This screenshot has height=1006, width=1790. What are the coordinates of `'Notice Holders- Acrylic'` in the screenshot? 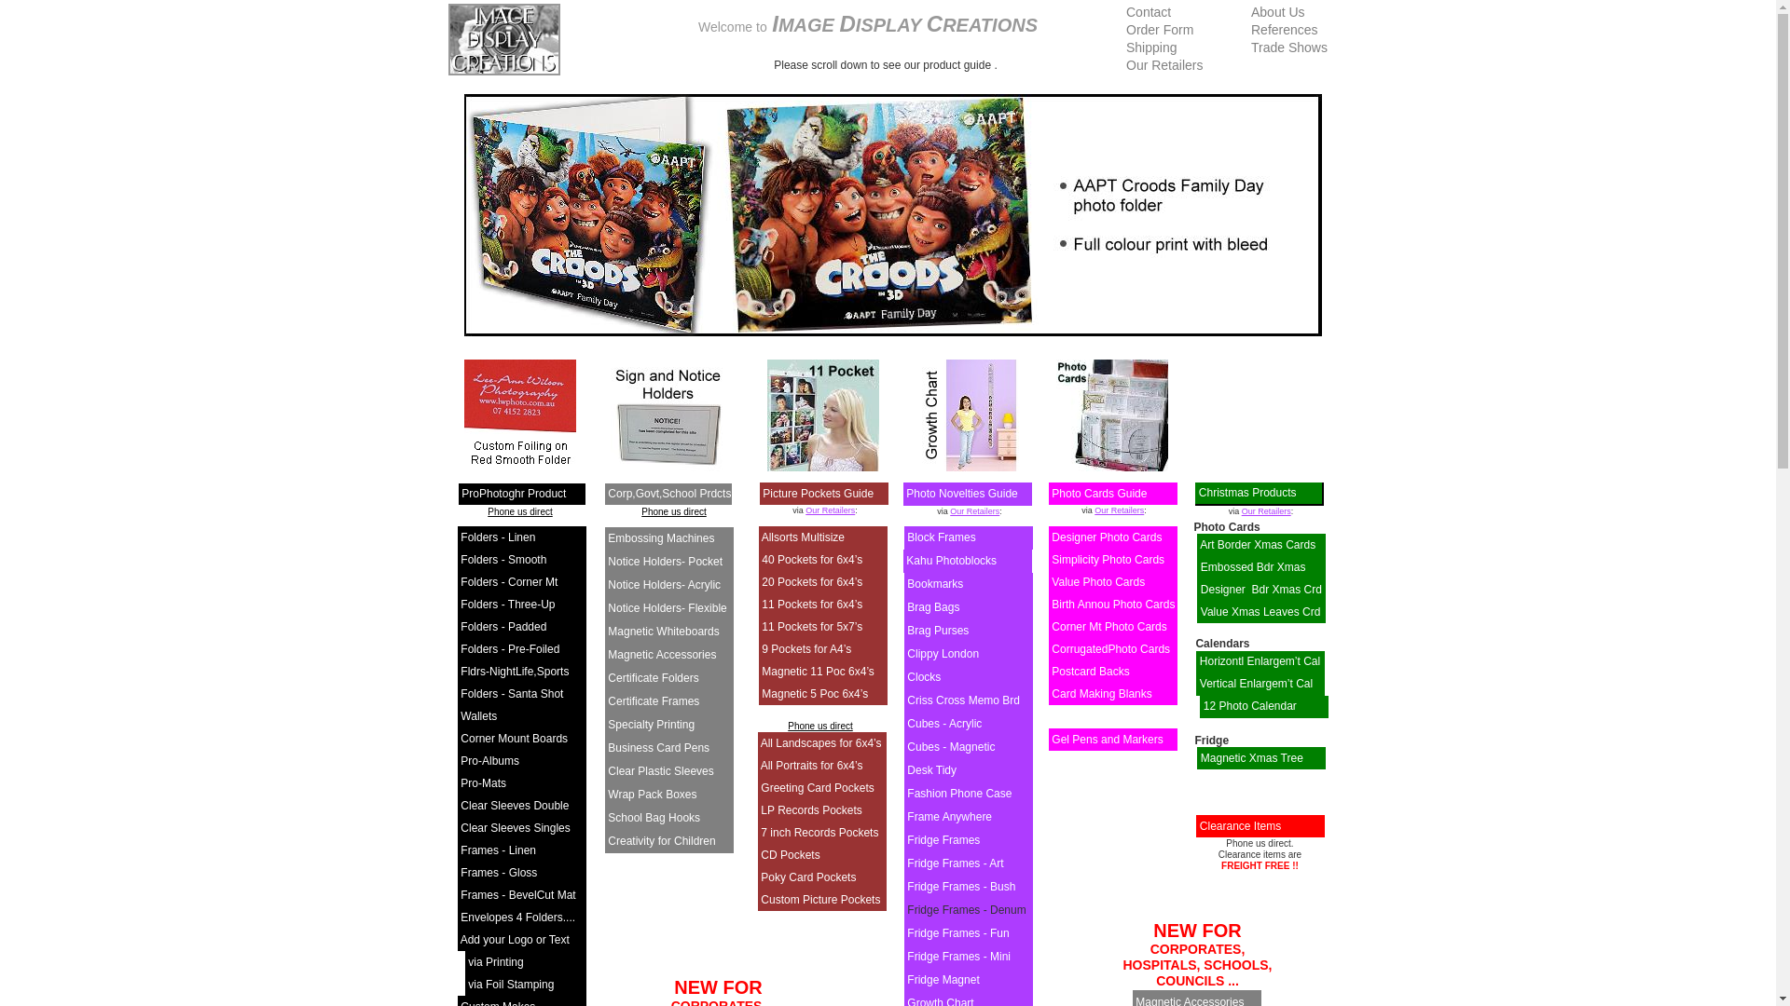 It's located at (664, 584).